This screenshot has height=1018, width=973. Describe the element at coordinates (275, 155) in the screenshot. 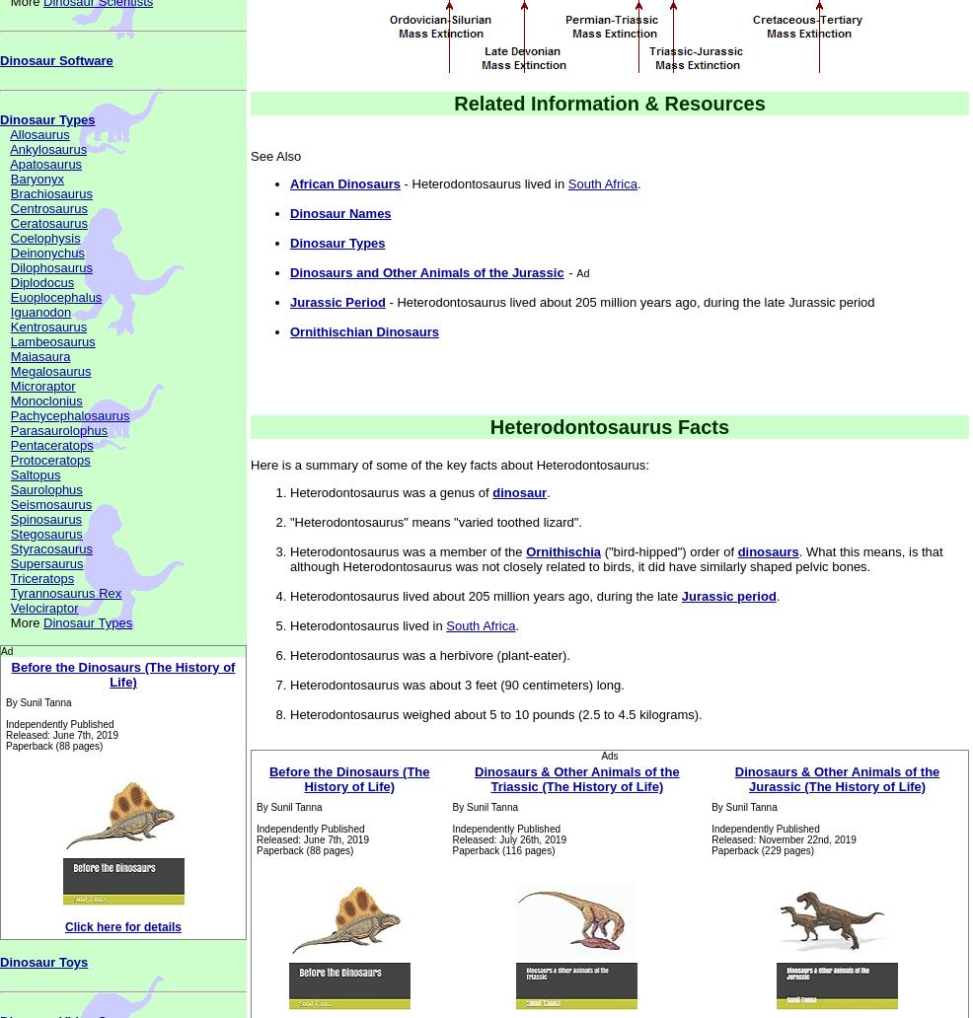

I see `'See Also'` at that location.